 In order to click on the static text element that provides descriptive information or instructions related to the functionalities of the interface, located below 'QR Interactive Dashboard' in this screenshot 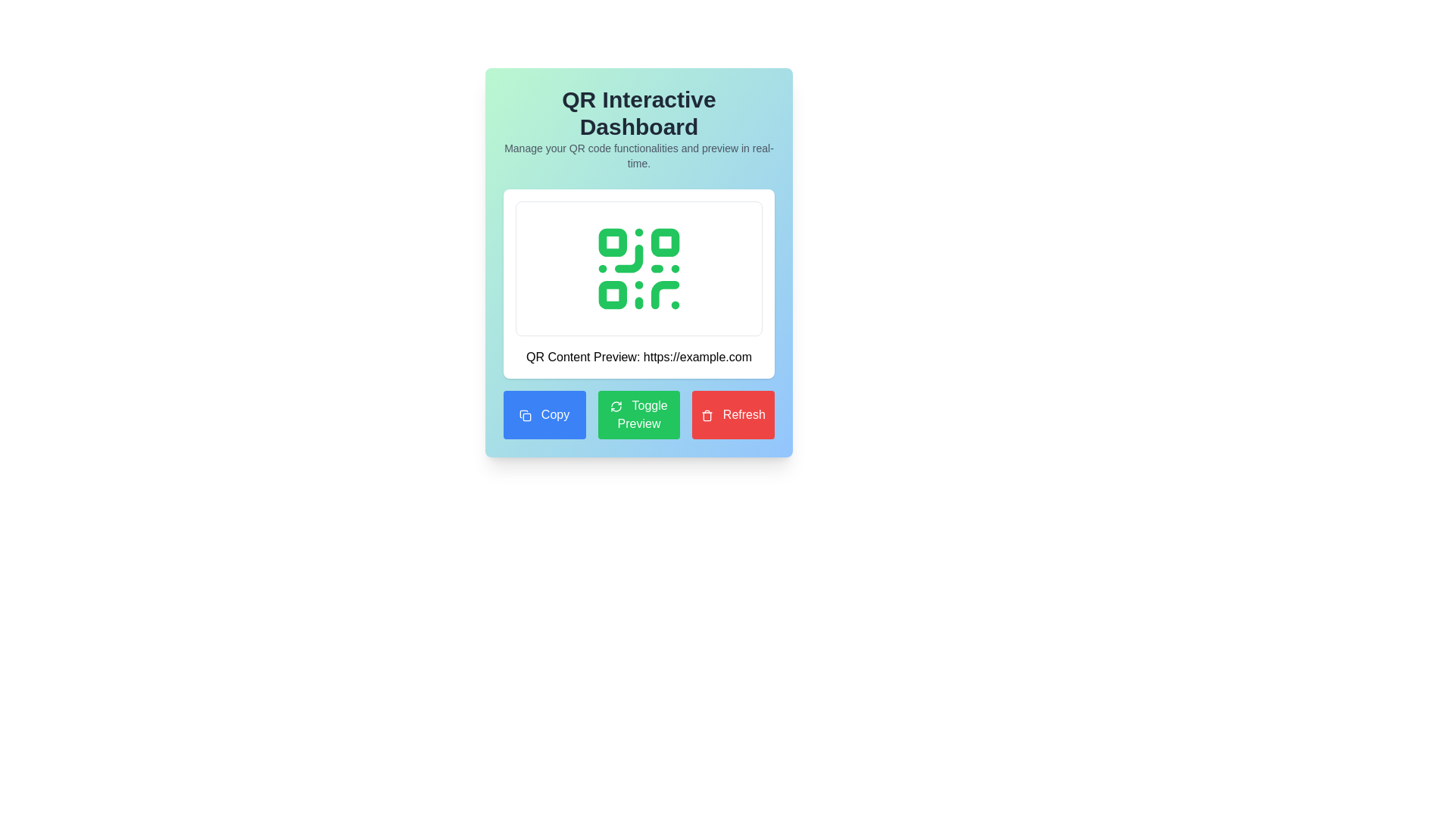, I will do `click(639, 155)`.